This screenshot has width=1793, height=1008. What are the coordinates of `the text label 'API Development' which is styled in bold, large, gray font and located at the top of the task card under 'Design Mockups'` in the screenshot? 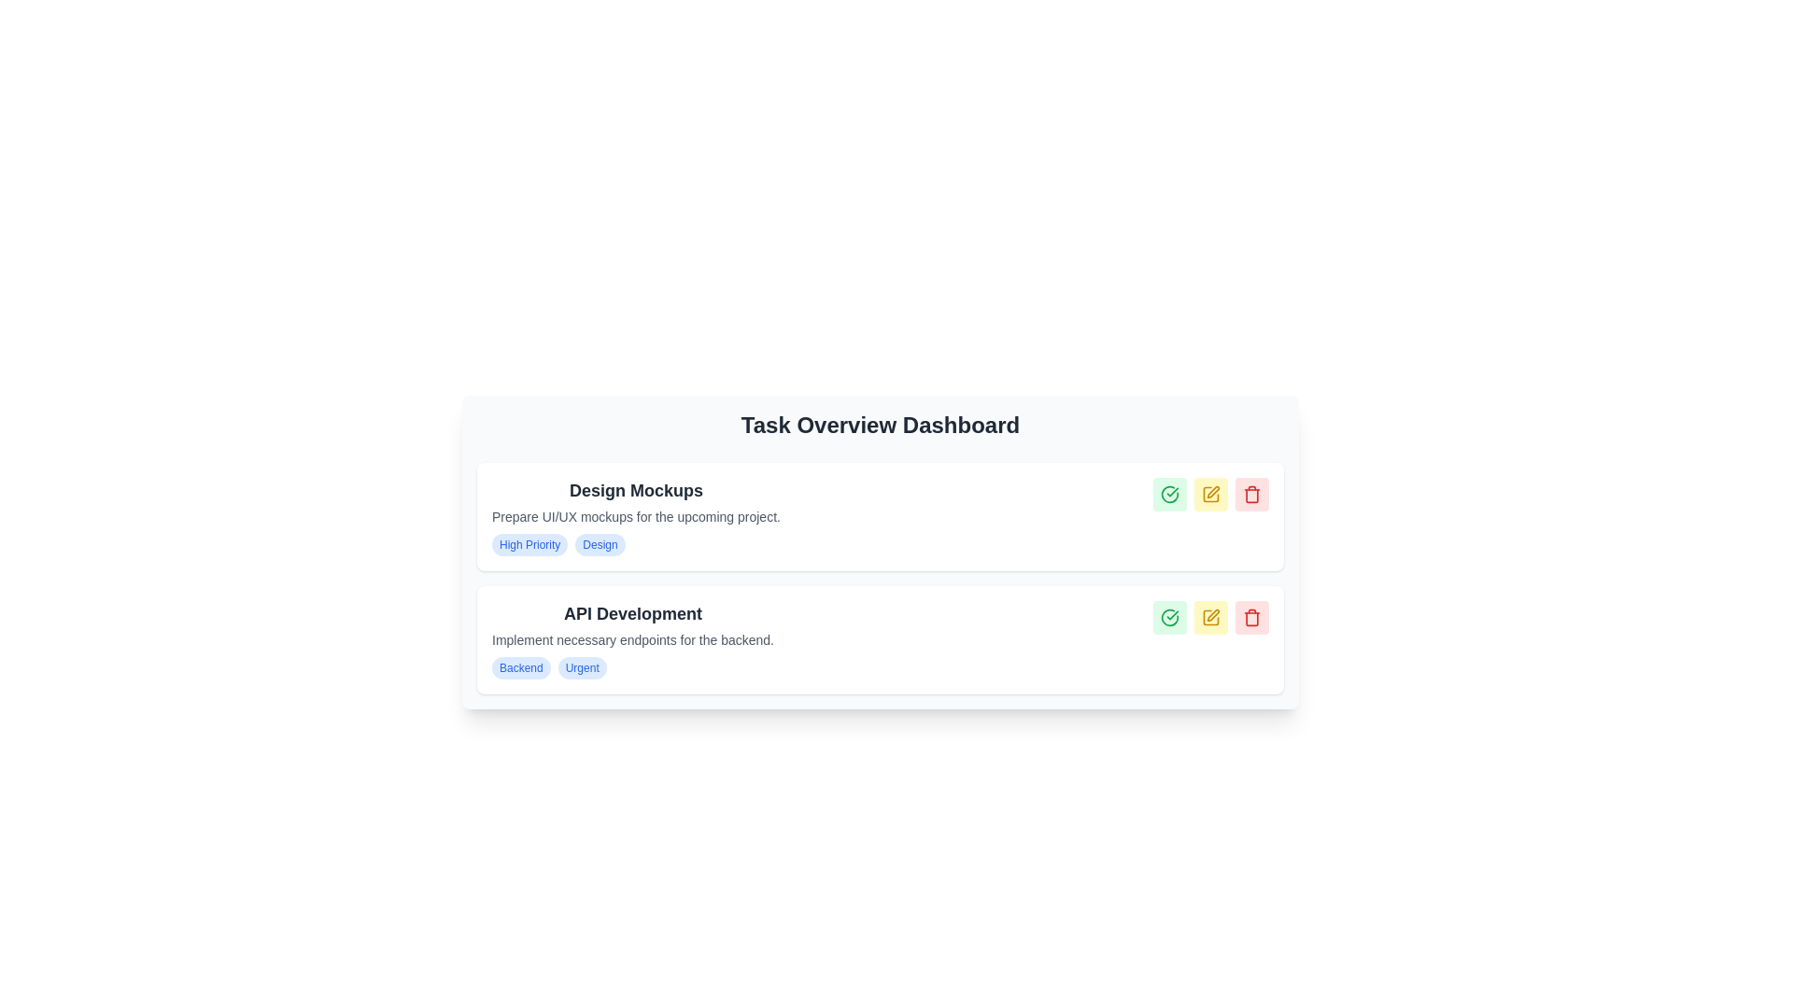 It's located at (632, 614).